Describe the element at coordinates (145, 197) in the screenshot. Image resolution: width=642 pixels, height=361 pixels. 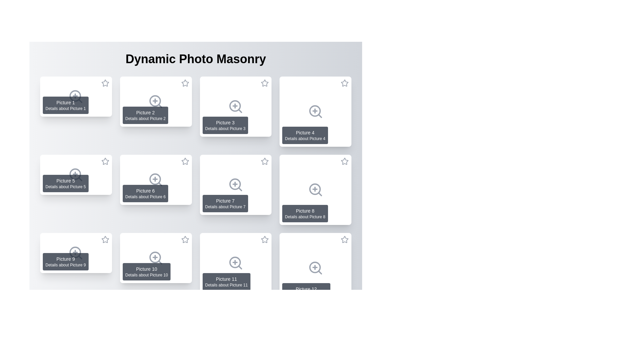
I see `the static text label providing supplementary information for 'Picture 6', located below the 'Picture 6' title in the dark background rectangle of the sixth photo card` at that location.